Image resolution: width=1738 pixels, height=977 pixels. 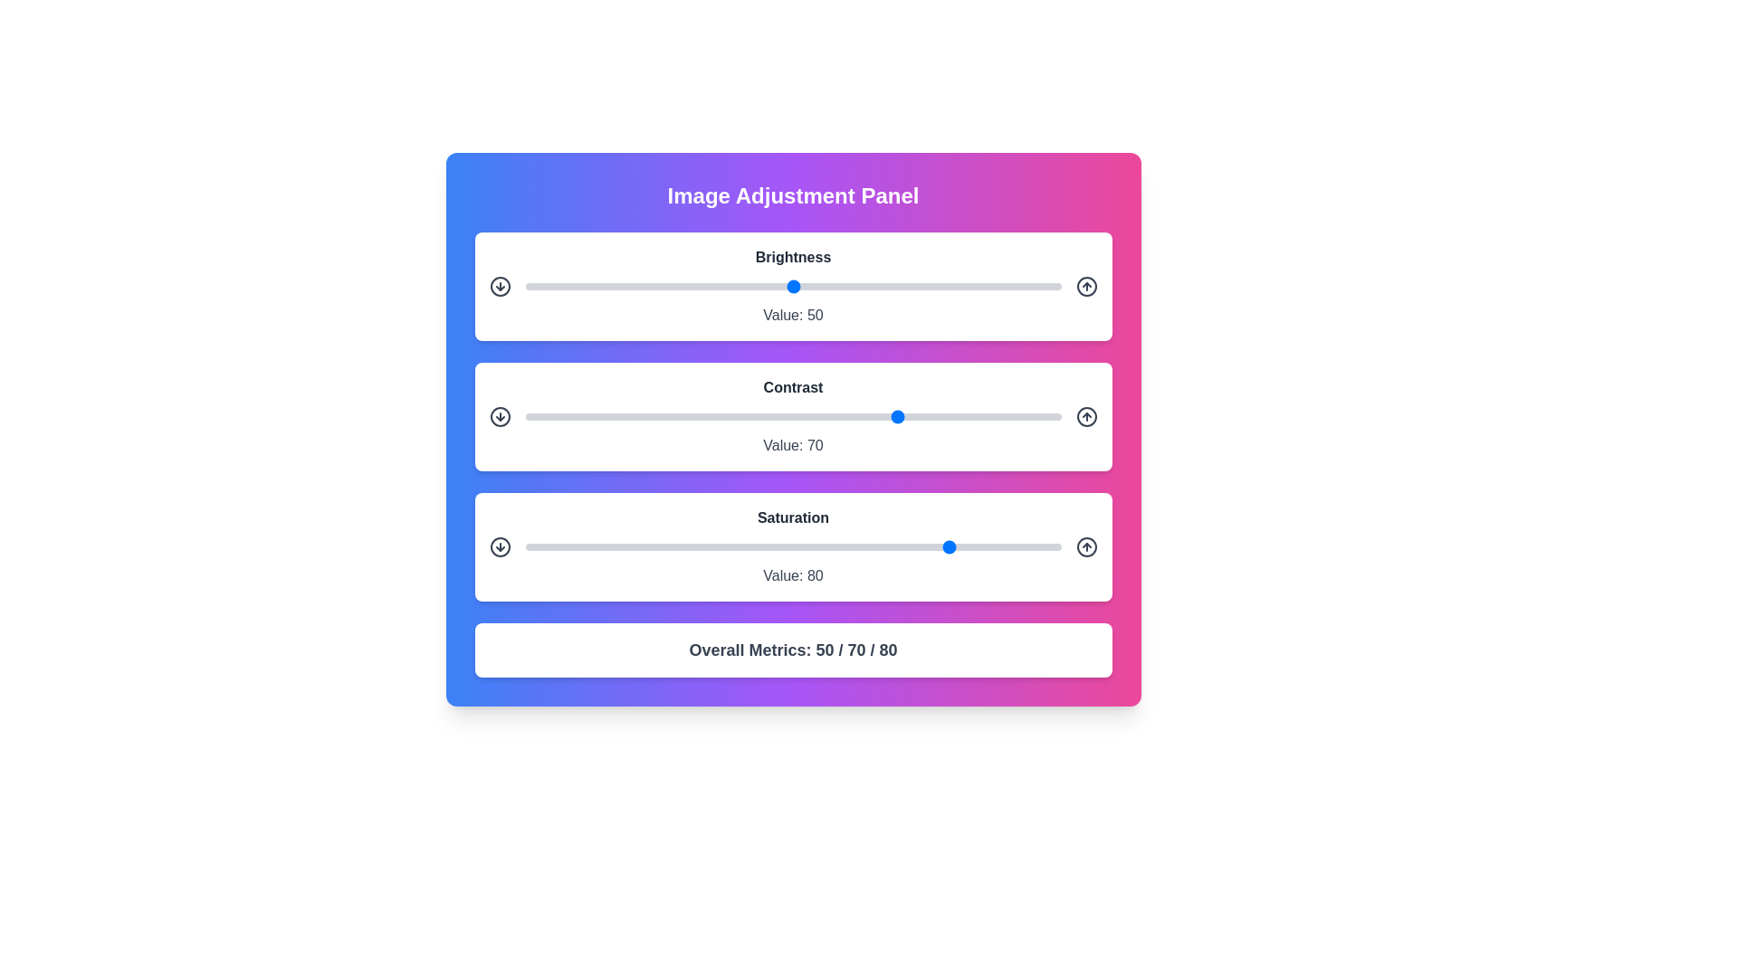 I want to click on the contrast, so click(x=556, y=417).